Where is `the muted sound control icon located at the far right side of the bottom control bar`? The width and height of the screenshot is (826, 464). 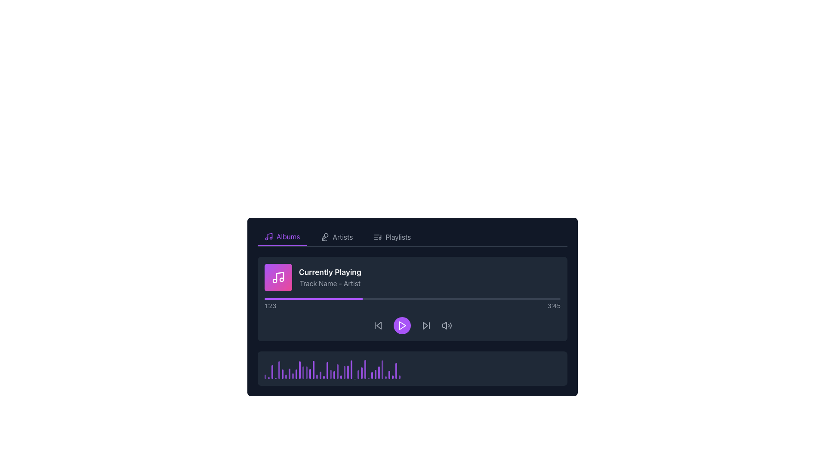
the muted sound control icon located at the far right side of the bottom control bar is located at coordinates (444, 326).